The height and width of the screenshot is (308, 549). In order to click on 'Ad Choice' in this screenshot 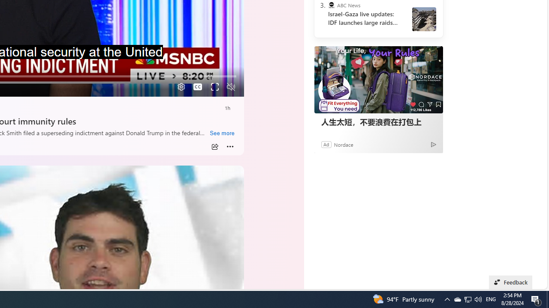, I will do `click(434, 144)`.